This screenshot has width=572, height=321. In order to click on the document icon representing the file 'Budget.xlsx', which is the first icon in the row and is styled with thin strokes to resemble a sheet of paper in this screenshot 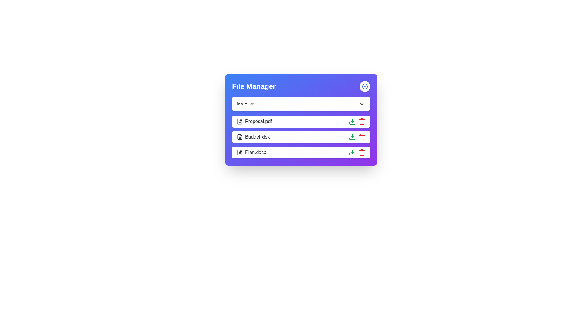, I will do `click(240, 137)`.